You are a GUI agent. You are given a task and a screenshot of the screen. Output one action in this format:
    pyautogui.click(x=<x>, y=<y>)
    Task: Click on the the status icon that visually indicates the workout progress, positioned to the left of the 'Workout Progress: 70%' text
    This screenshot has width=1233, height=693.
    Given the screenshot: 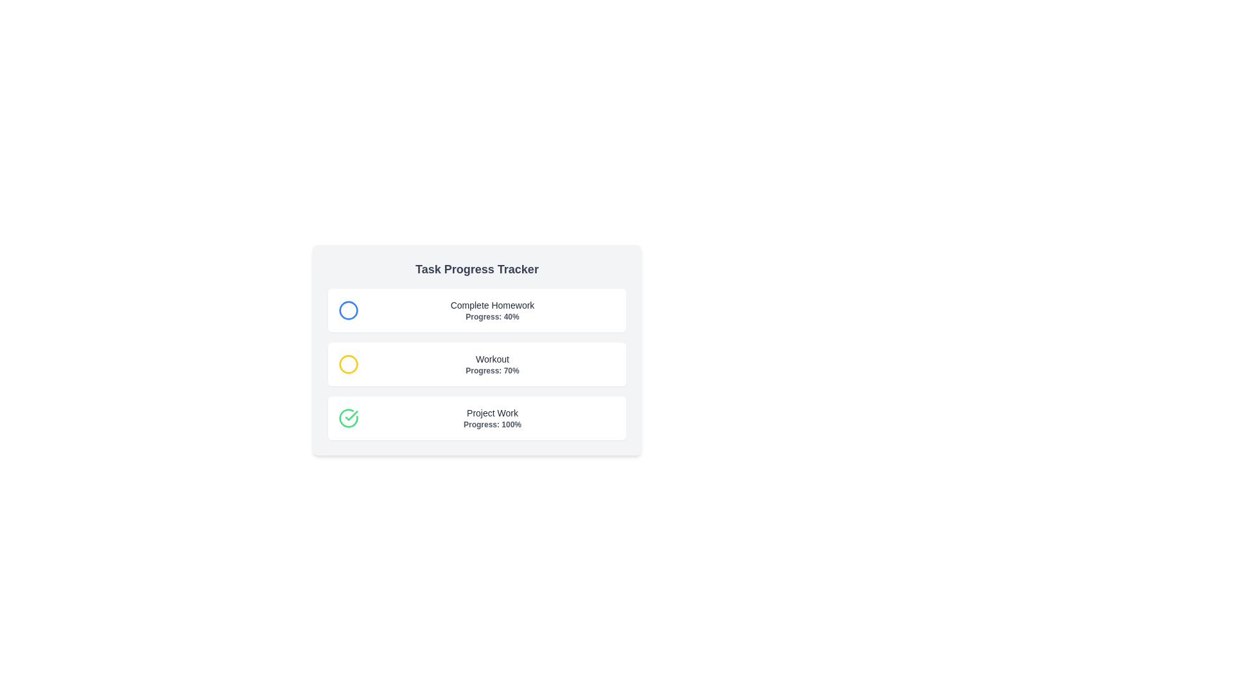 What is the action you would take?
    pyautogui.click(x=348, y=364)
    